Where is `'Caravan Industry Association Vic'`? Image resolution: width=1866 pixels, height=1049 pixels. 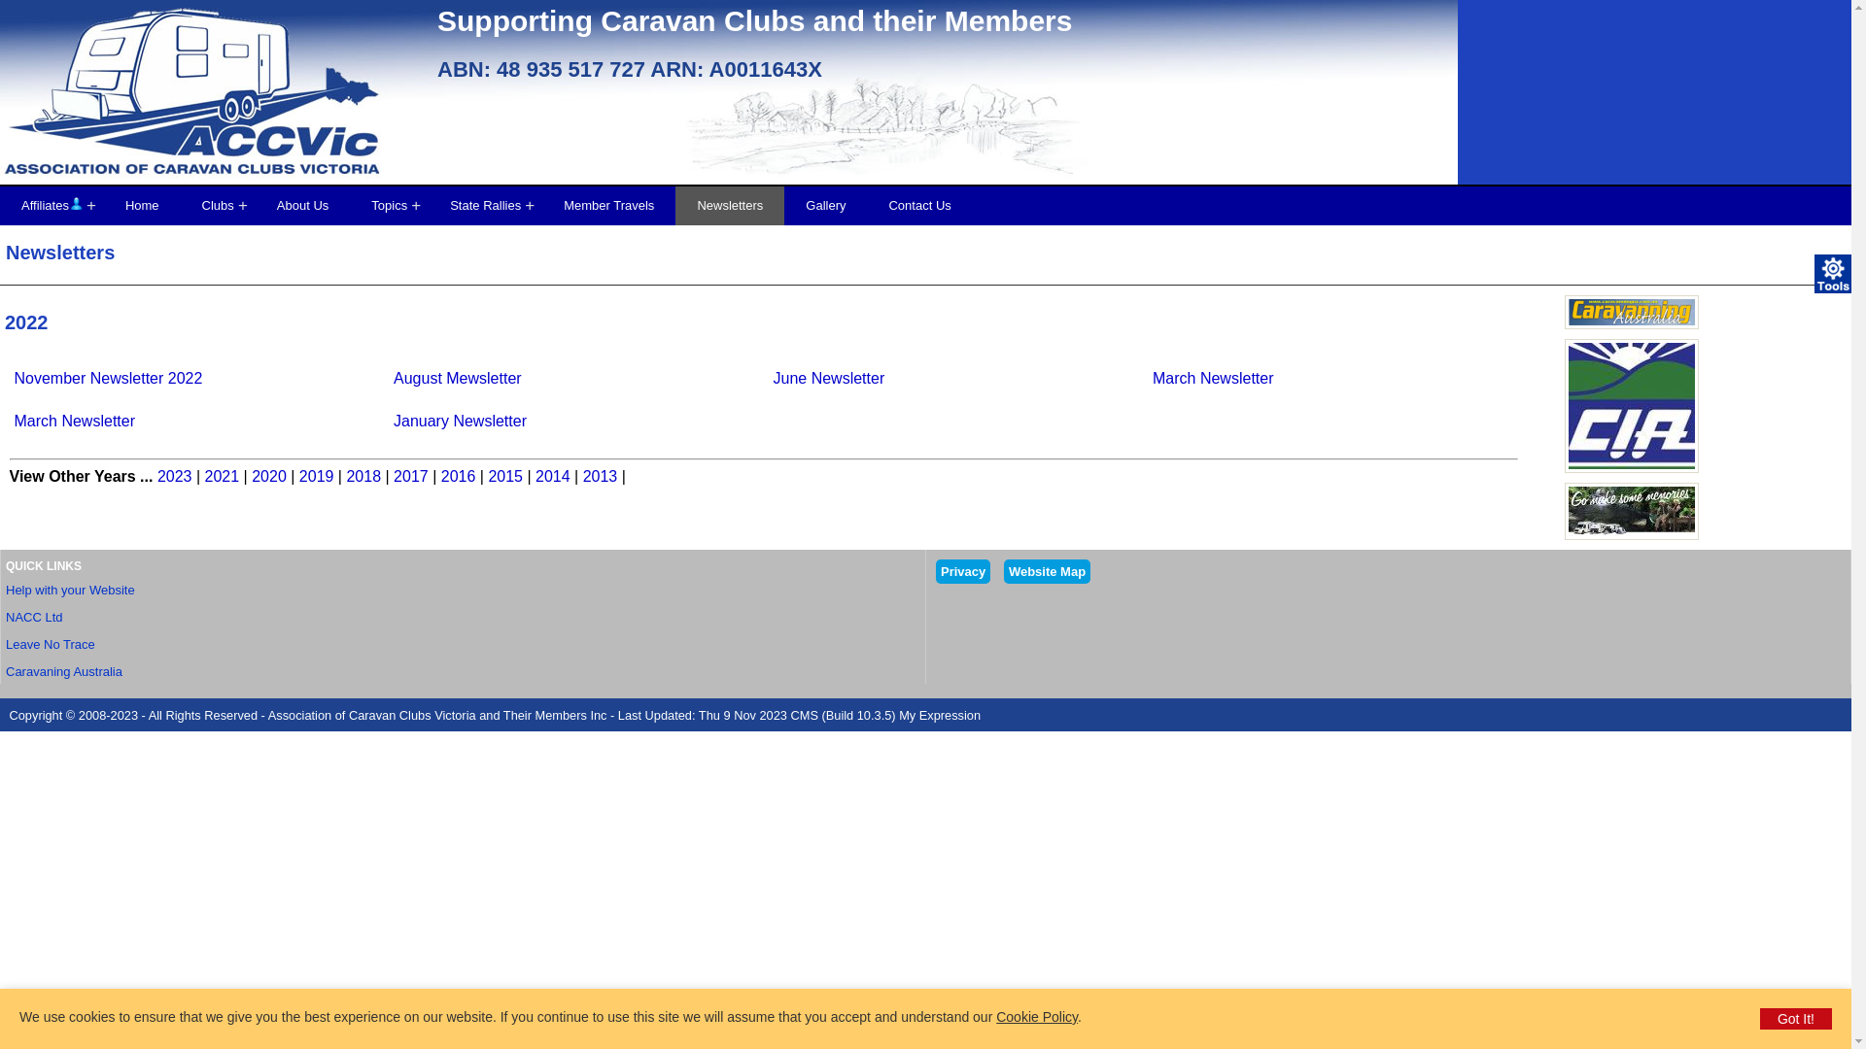 'Caravan Industry Association Vic' is located at coordinates (1632, 404).